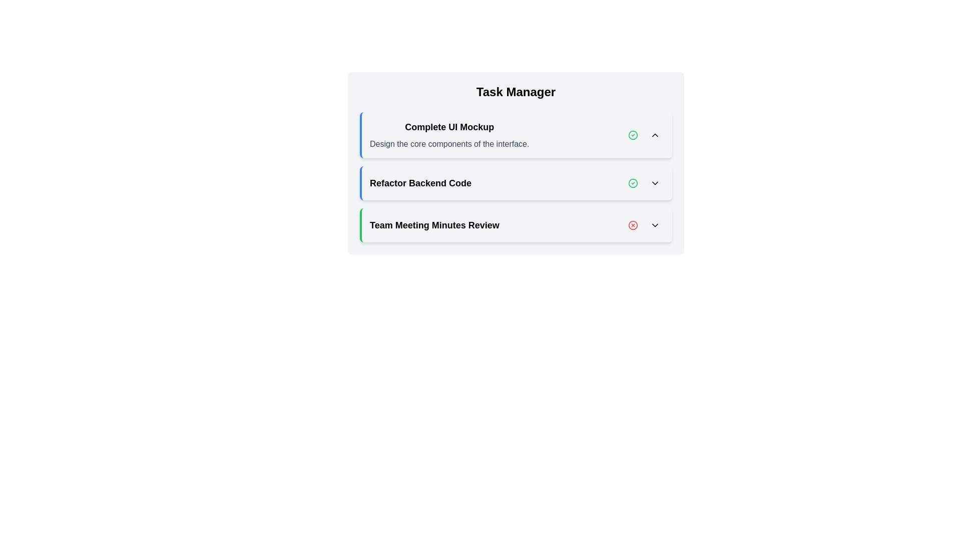 The height and width of the screenshot is (541, 961). I want to click on the button that moves the first task entry upwards in priority, located to the right of the green check mark button, so click(655, 135).